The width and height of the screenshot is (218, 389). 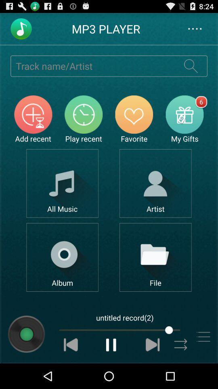 What do you see at coordinates (92, 65) in the screenshot?
I see `search for track name or artist` at bounding box center [92, 65].